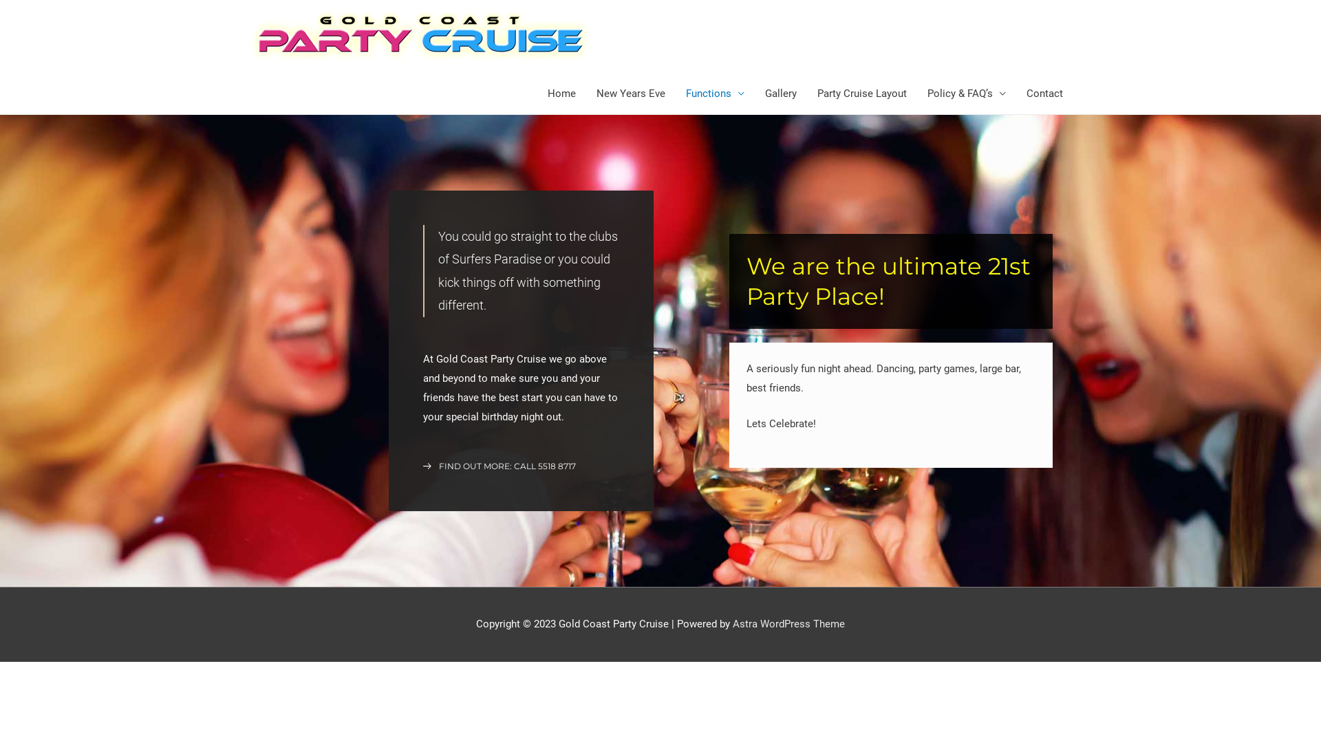 This screenshot has width=1321, height=743. I want to click on 'New Years Eve', so click(630, 93).